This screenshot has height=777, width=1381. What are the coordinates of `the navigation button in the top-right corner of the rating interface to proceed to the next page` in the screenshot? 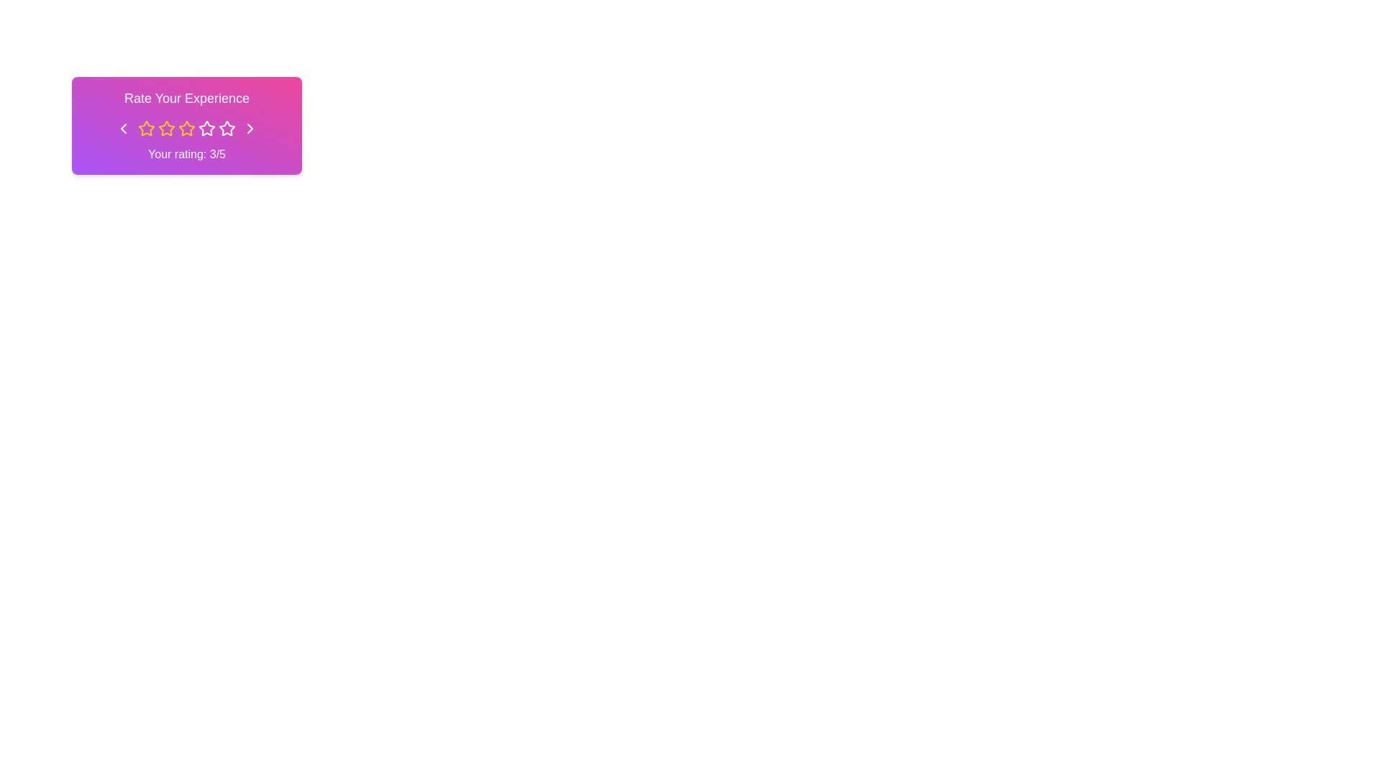 It's located at (250, 127).